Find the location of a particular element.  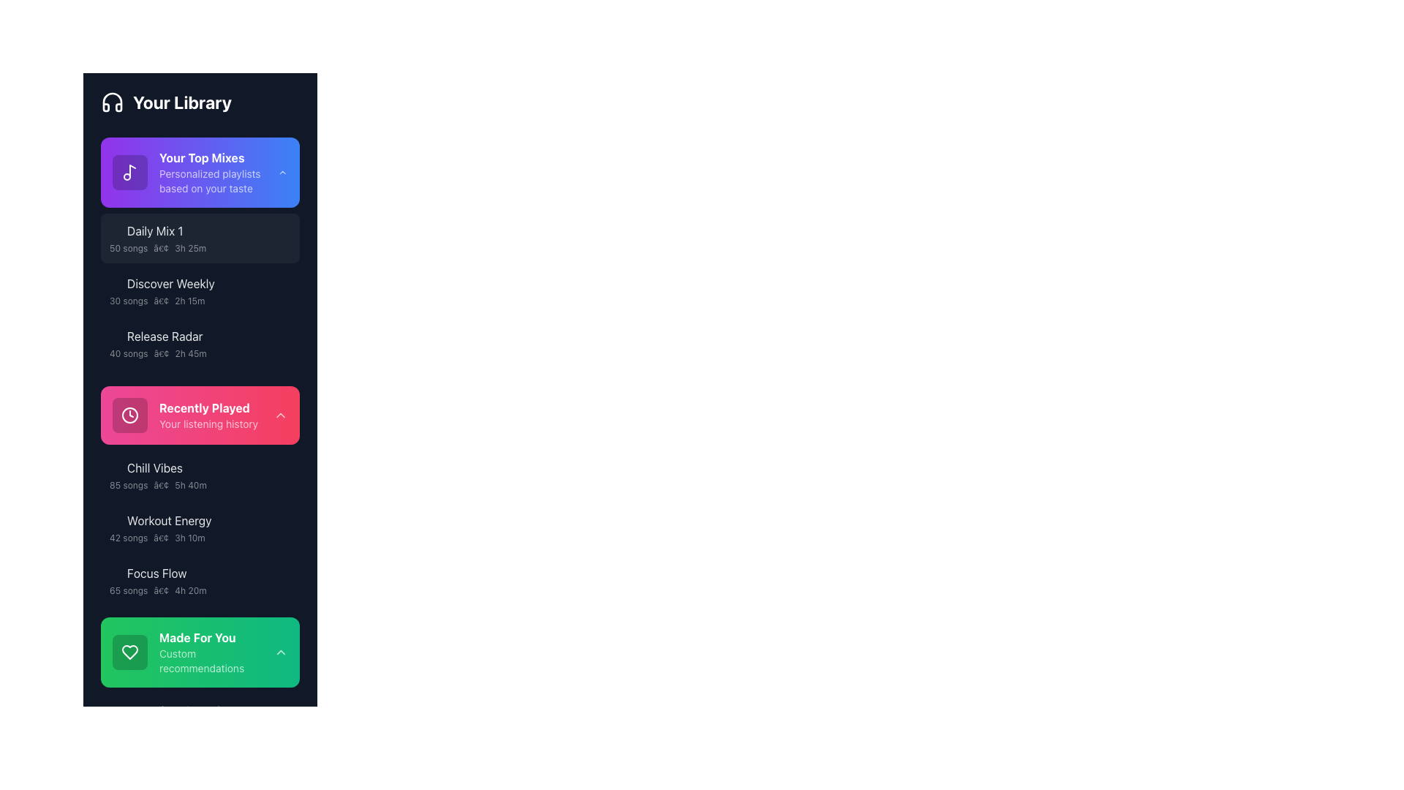

the interactive card located in the left-hand sidebar below 'Your Library' is located at coordinates (199, 171).